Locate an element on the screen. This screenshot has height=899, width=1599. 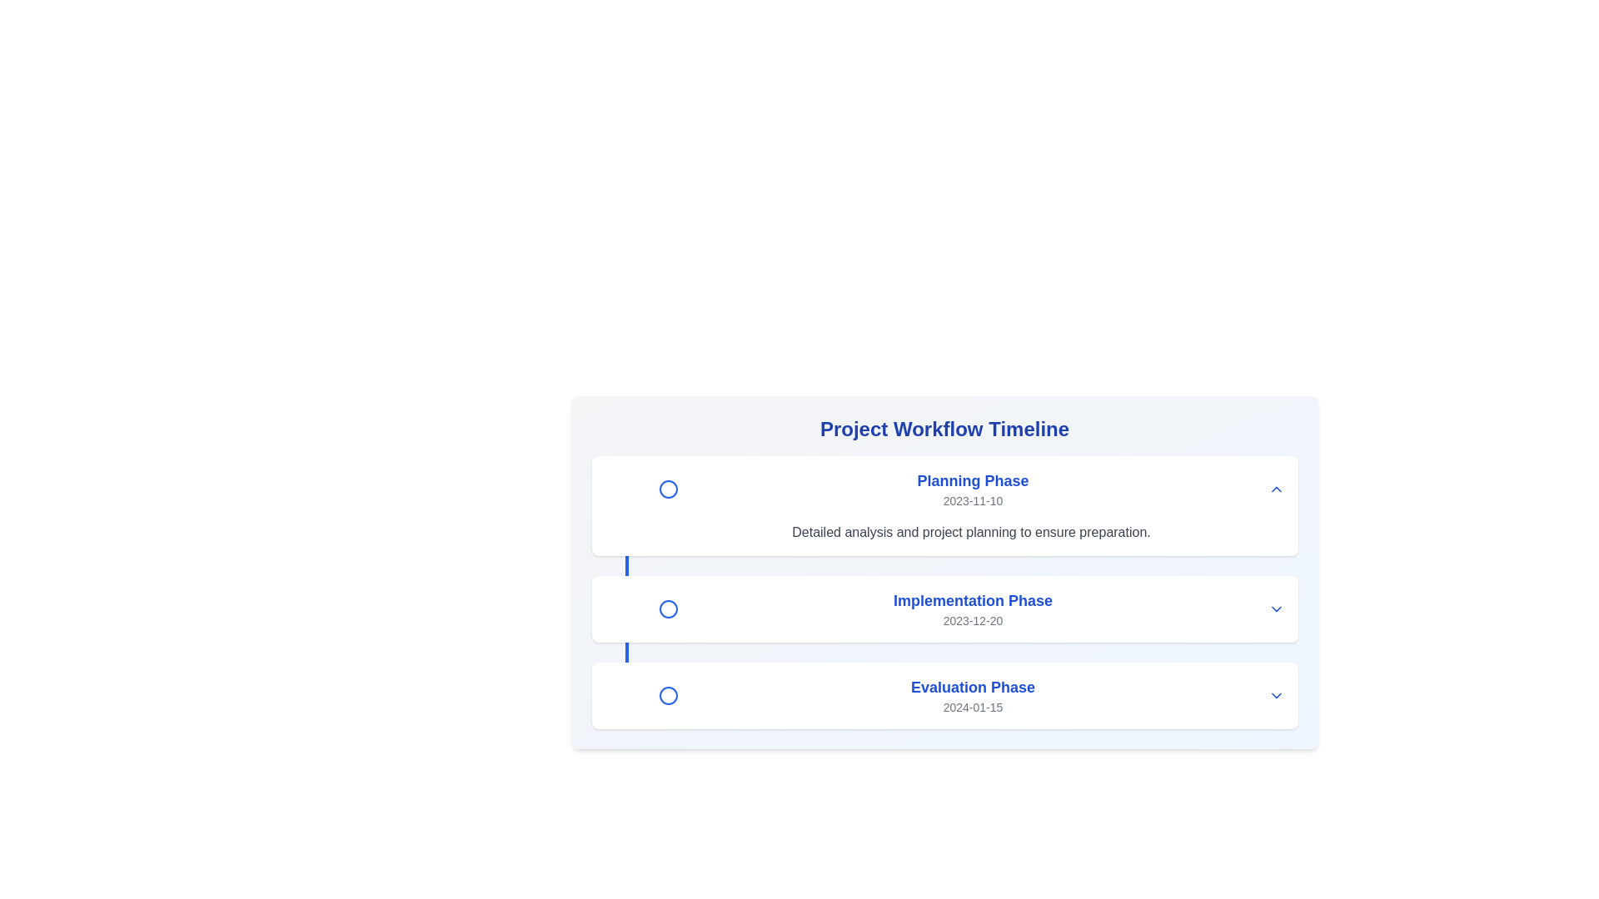
the decorative circle visual indicator marking the 'Evaluation Phase' in the Project Workflow Timeline is located at coordinates (668, 696).